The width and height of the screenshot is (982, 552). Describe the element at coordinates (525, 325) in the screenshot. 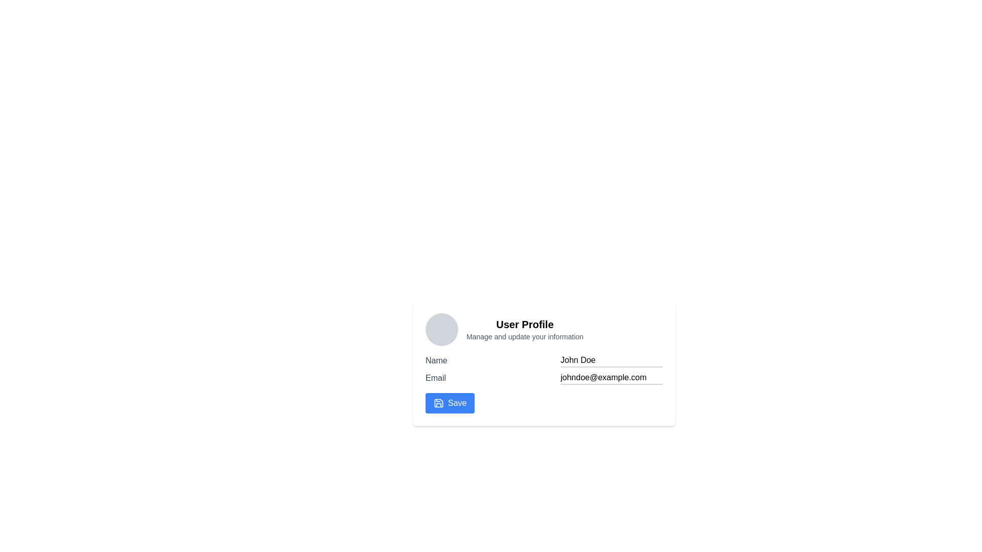

I see `text of the 'User Profile' heading, which is a bold title displayed prominently at the top of the user profile section` at that location.